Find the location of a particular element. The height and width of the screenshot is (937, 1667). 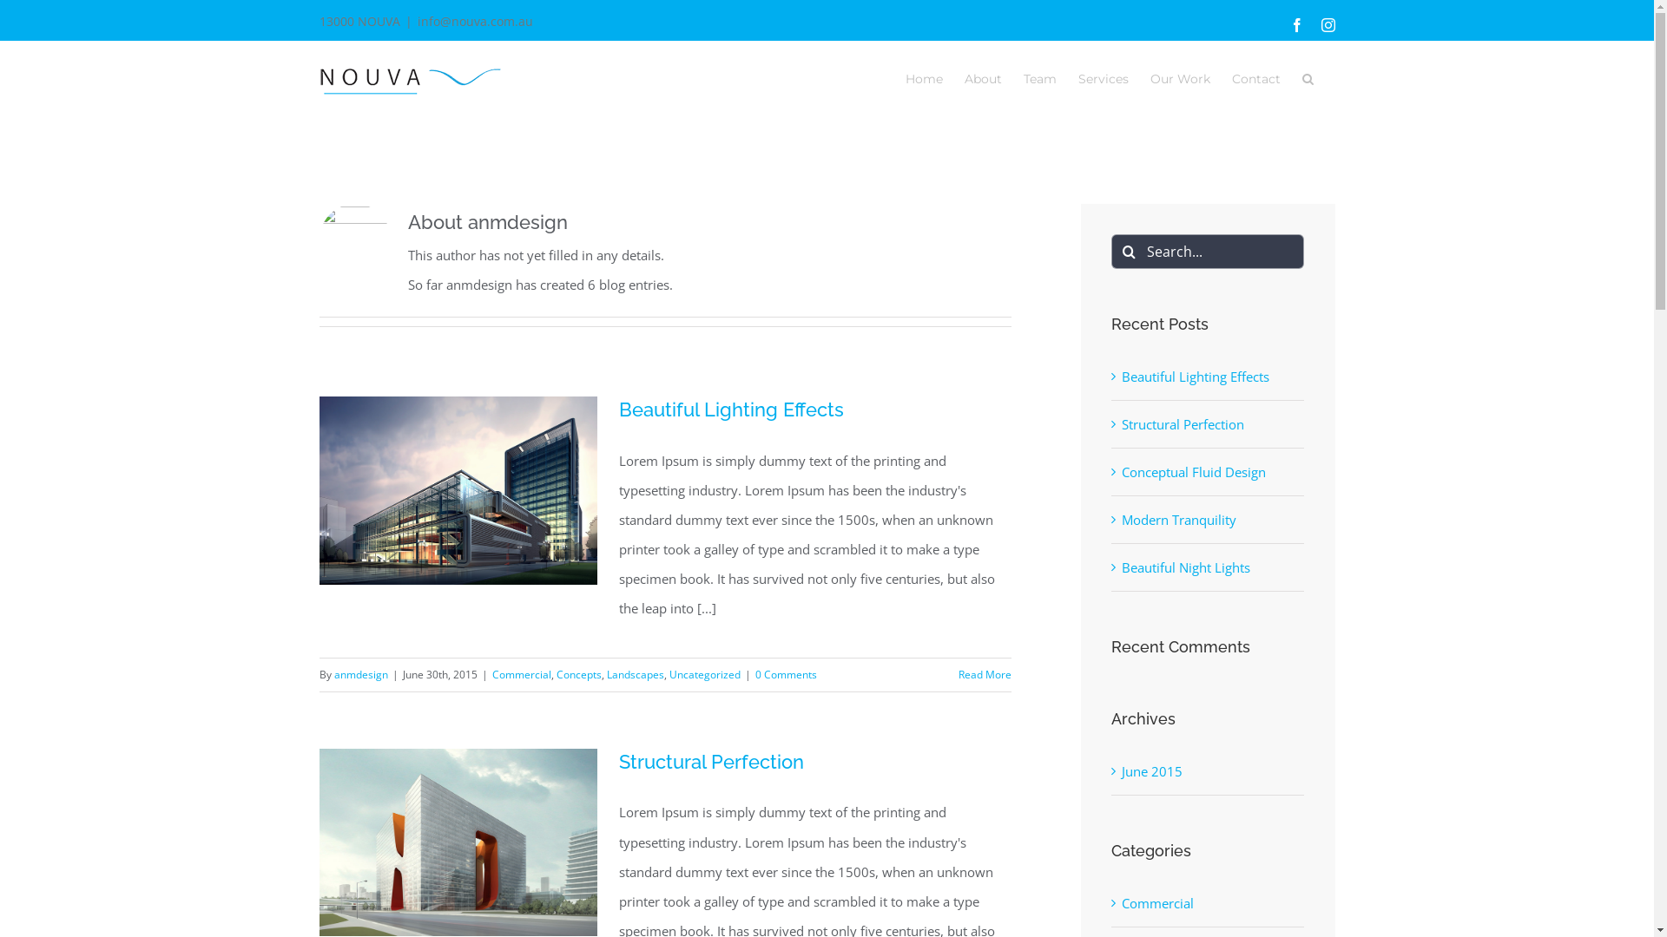

'Uncategorized' is located at coordinates (704, 673).